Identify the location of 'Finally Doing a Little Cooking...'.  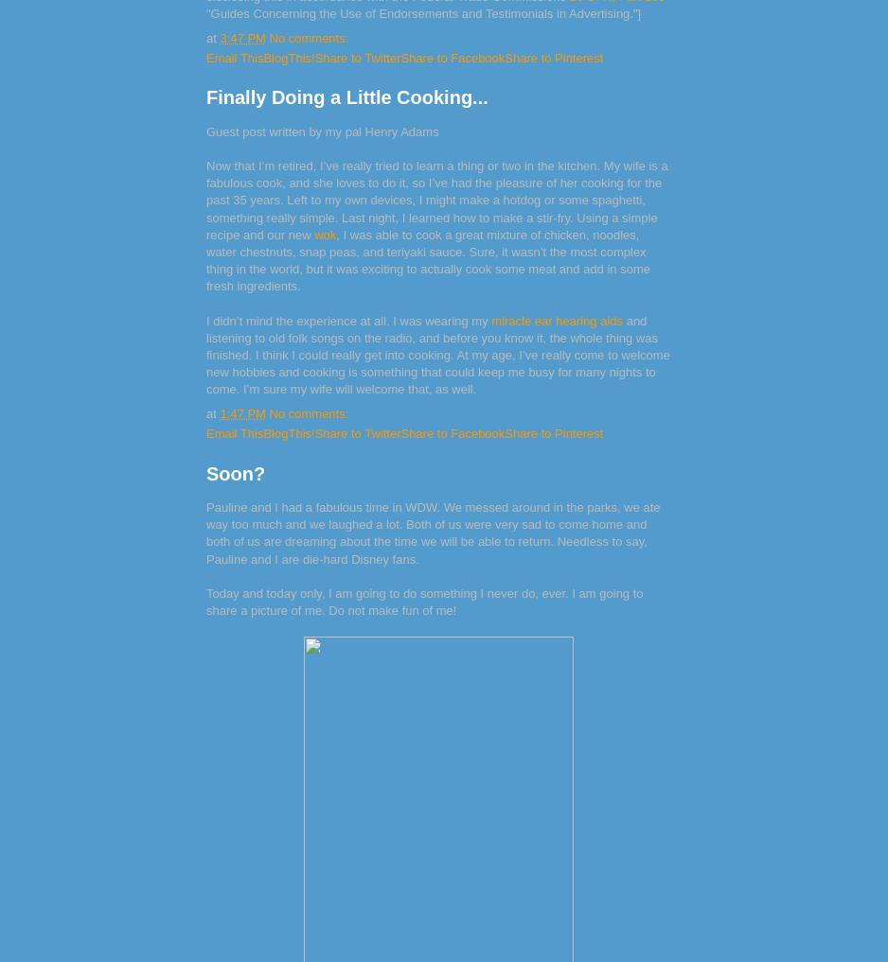
(346, 97).